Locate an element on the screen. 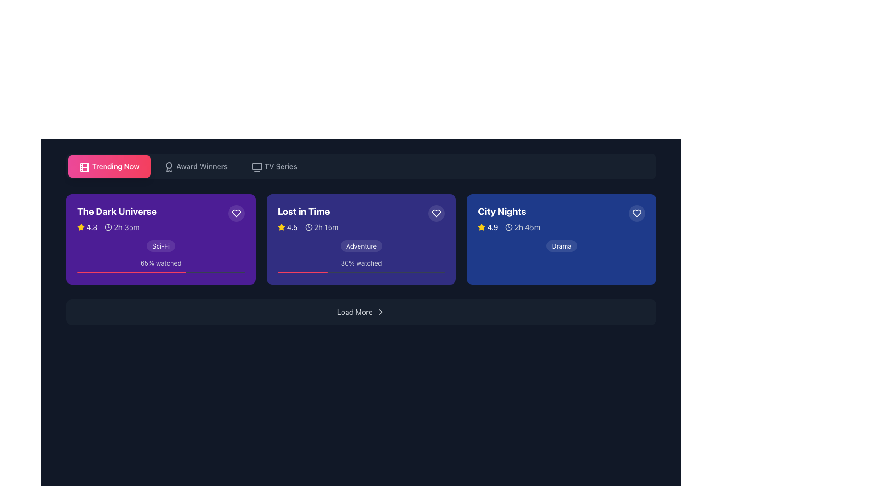 The width and height of the screenshot is (885, 498). the SVG graphic element representing the 'TV Series' category icon located in the top navigation bar is located at coordinates (257, 166).